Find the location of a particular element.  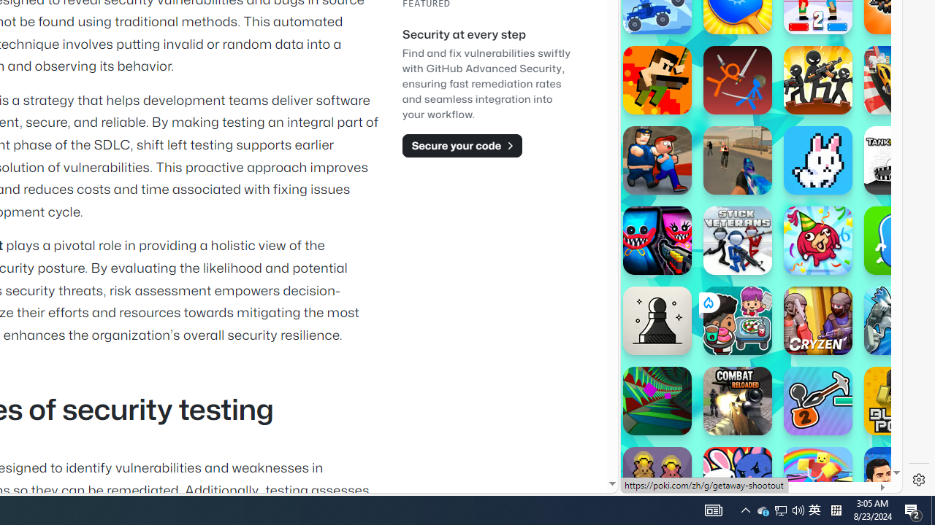

'Stick Veterans Stick Veterans' is located at coordinates (737, 240).